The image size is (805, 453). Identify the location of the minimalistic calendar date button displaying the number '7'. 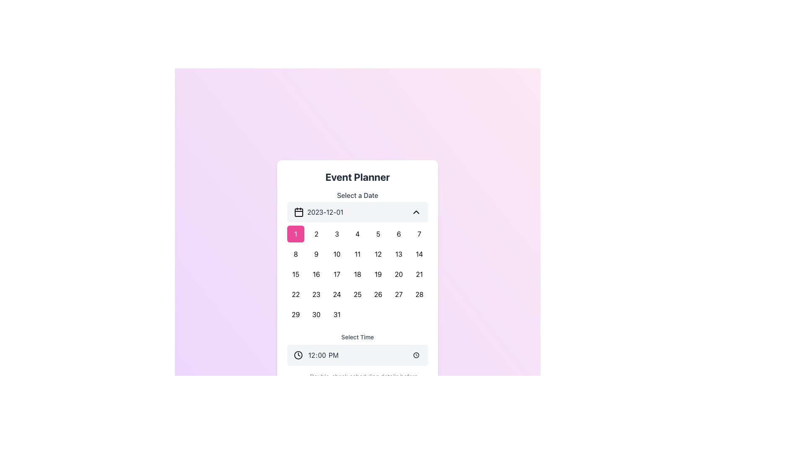
(419, 234).